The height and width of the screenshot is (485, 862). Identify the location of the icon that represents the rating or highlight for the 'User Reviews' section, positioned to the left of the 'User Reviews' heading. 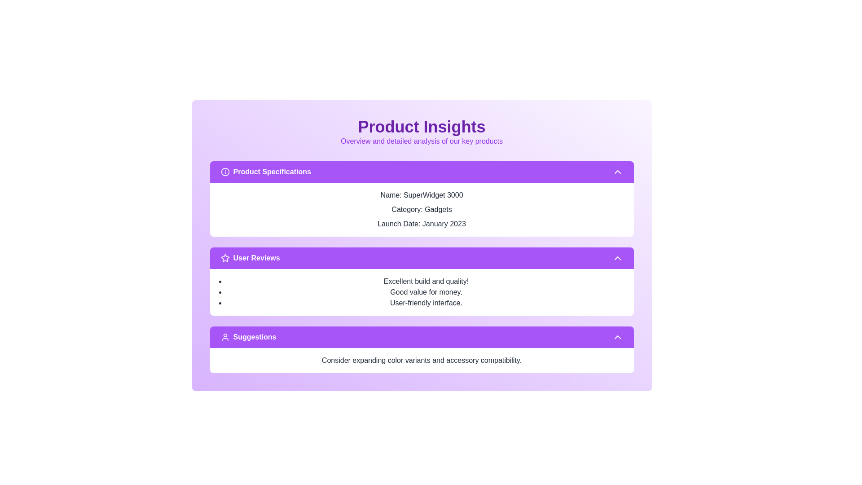
(225, 258).